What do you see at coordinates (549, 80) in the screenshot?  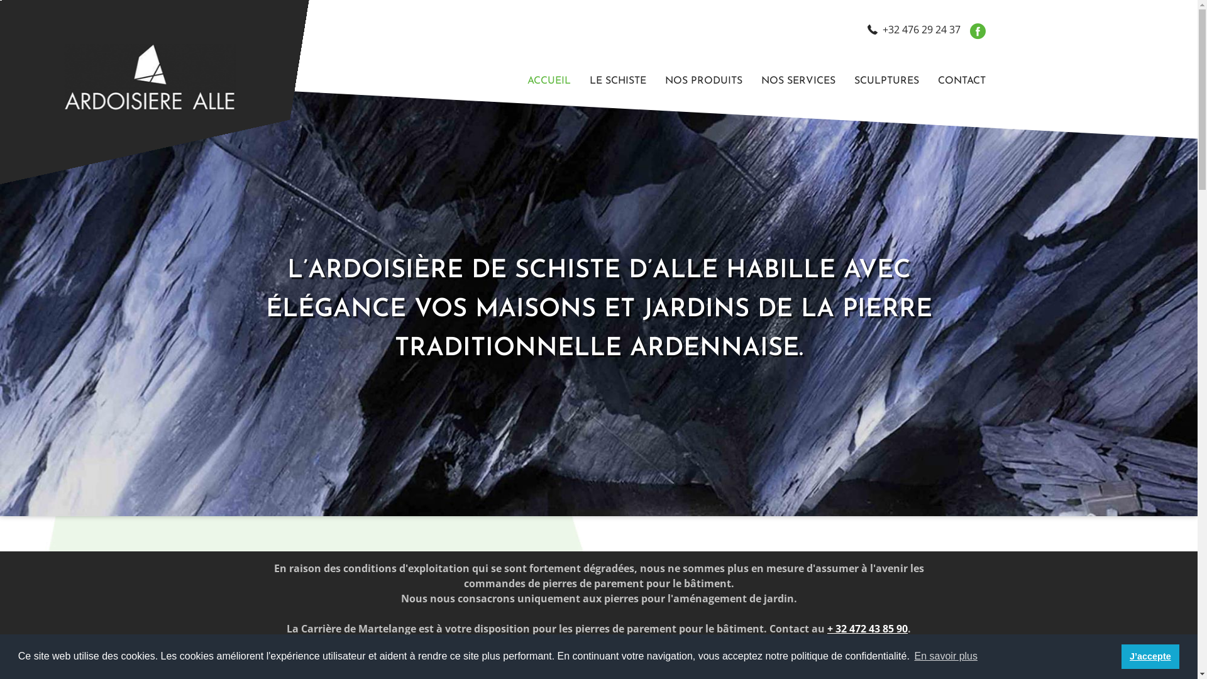 I see `'ACCUEIL'` at bounding box center [549, 80].